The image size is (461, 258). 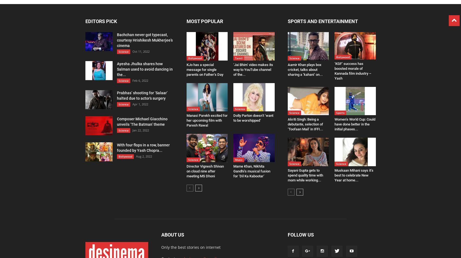 I want to click on 'Bachchan never got typecast, courtesy Hrishikesh Mukherjee’s cinema', so click(x=117, y=40).